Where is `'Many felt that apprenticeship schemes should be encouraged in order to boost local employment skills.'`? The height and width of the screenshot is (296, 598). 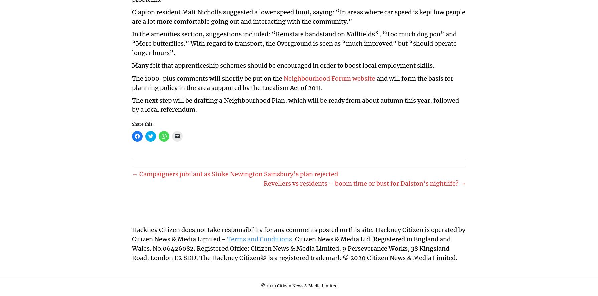 'Many felt that apprenticeship schemes should be encouraged in order to boost local employment skills.' is located at coordinates (132, 65).